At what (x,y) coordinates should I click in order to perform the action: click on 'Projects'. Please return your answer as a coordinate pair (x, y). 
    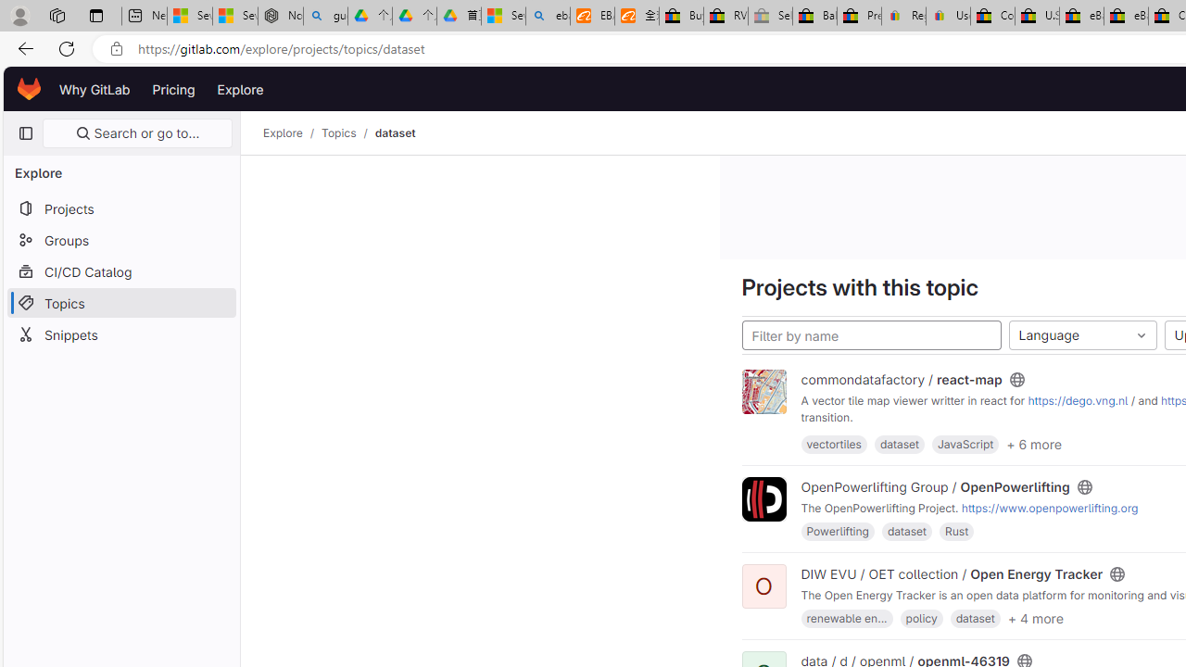
    Looking at the image, I should click on (120, 208).